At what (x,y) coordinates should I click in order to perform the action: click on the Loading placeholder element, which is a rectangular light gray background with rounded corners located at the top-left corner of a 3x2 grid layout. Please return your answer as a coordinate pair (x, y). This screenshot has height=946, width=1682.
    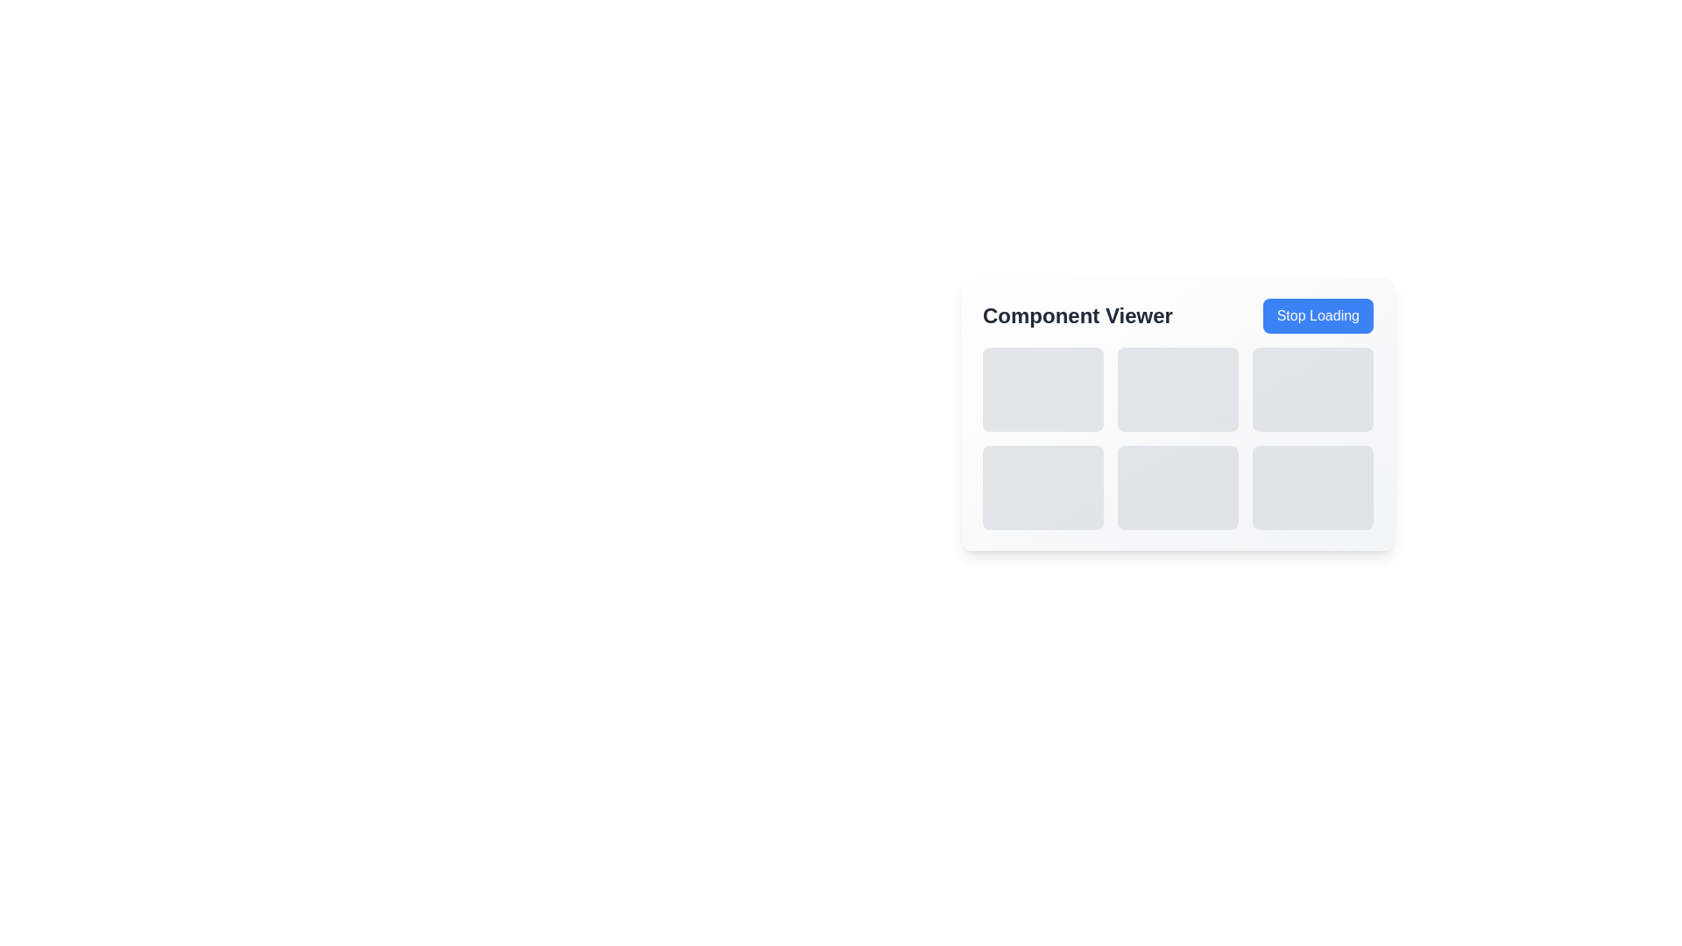
    Looking at the image, I should click on (1042, 388).